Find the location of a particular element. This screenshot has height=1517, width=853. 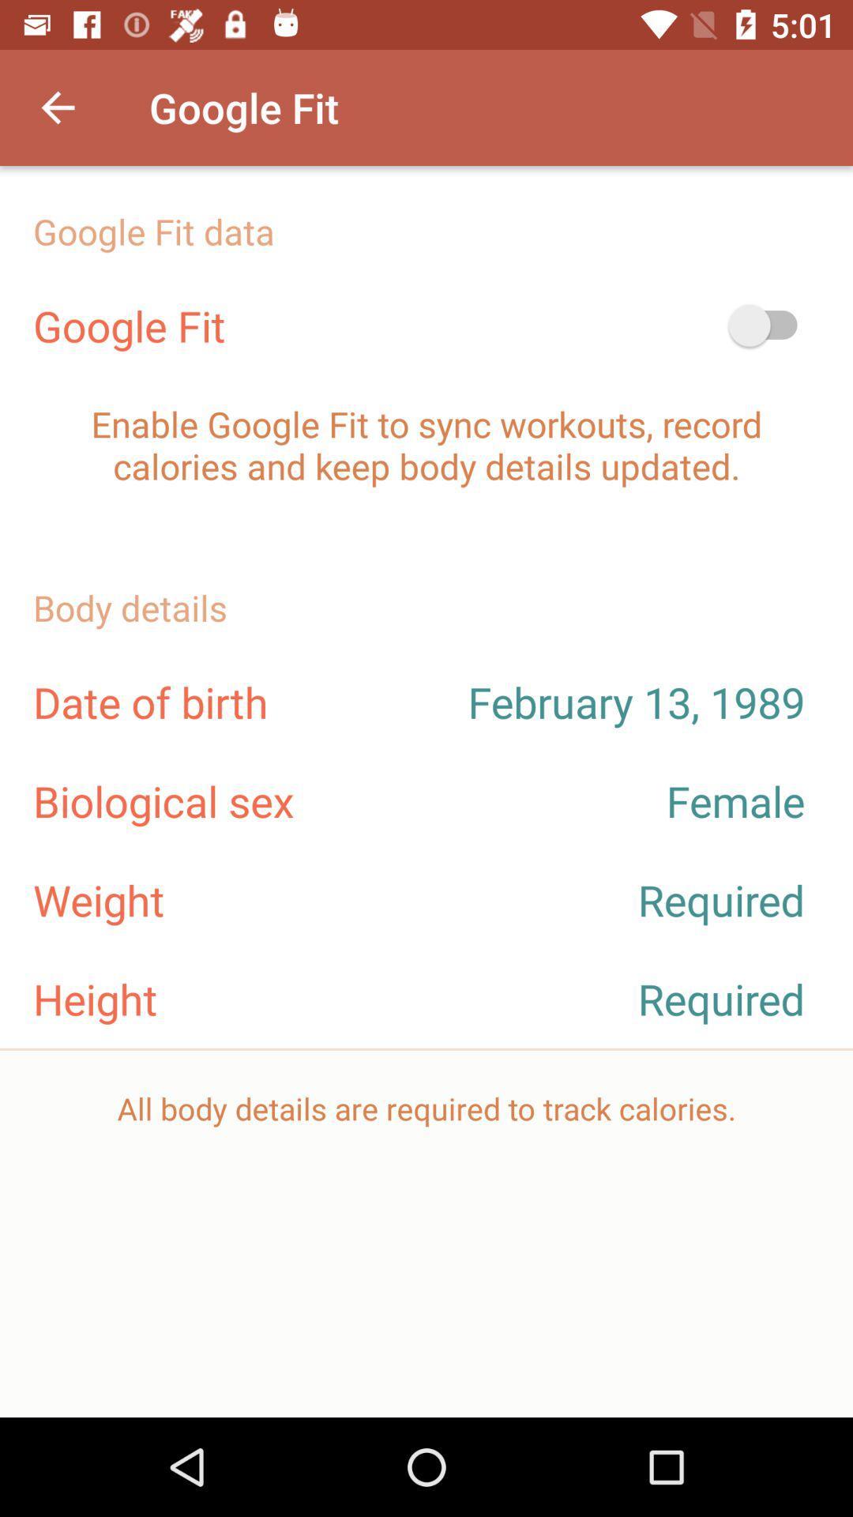

icon at the top right corner is located at coordinates (769, 325).